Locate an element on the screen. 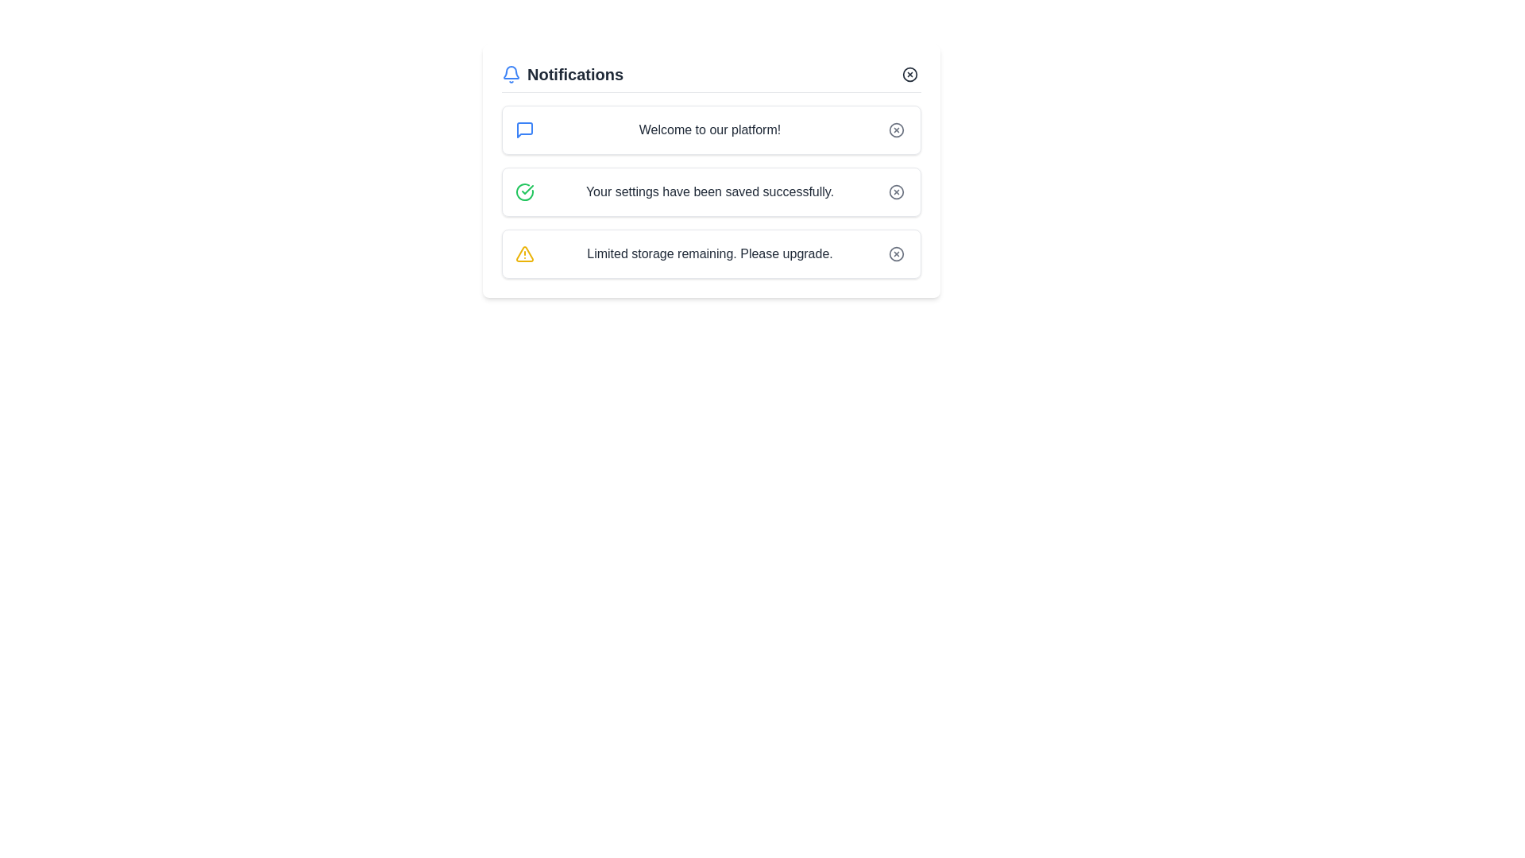 The image size is (1525, 858). the bold, large text label displaying 'Notifications' in dark gray, positioned near the top center of the UI is located at coordinates (574, 74).